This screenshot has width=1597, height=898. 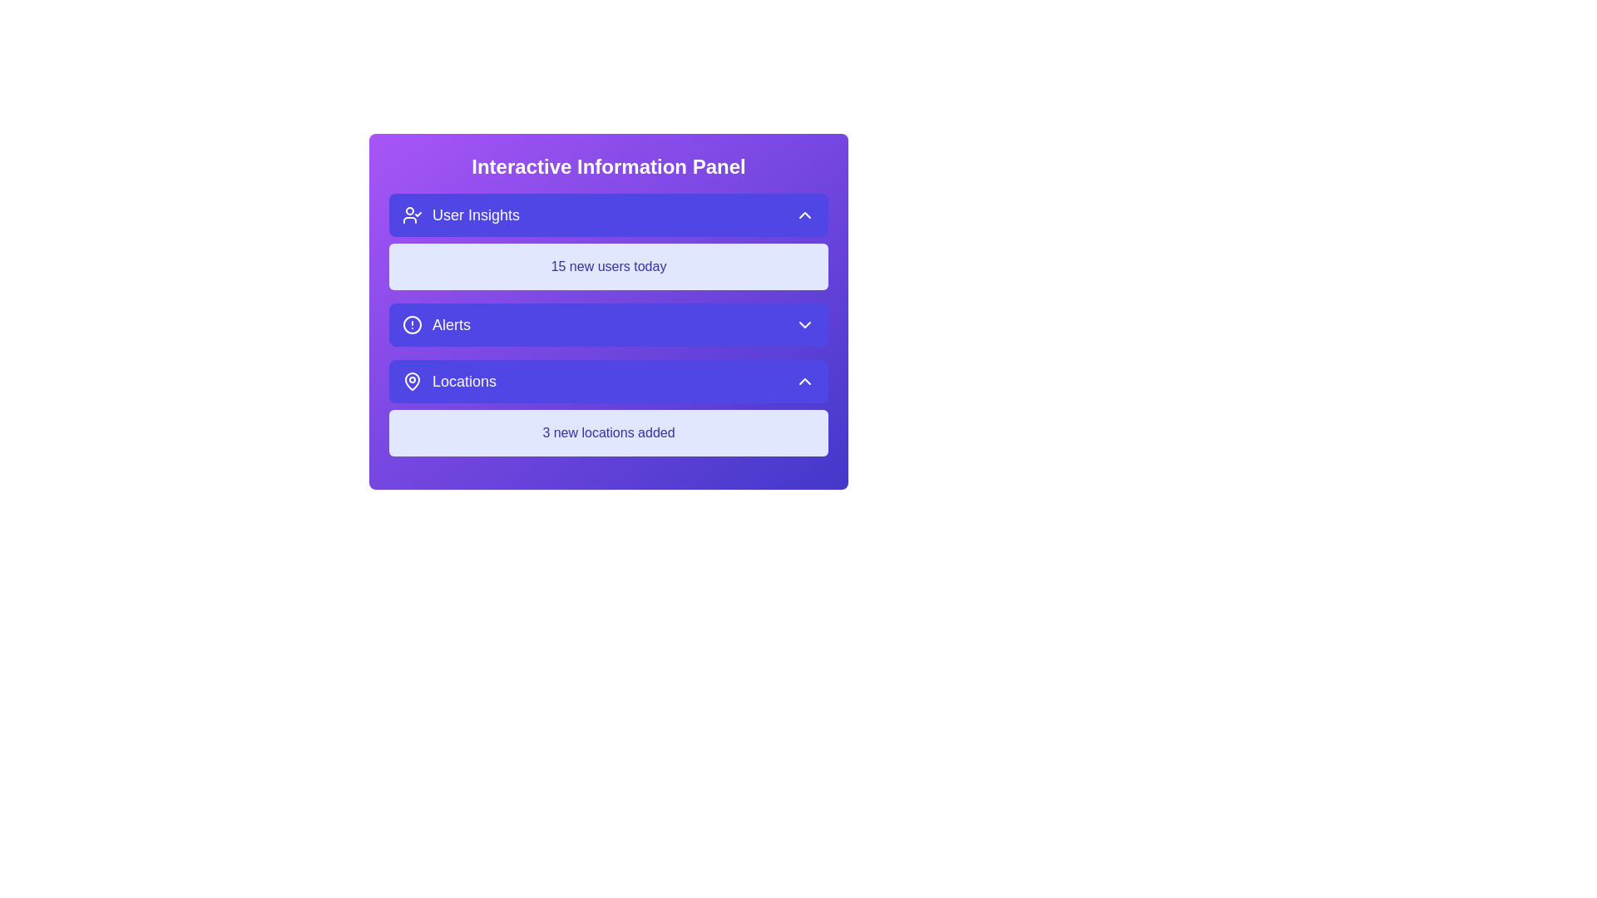 What do you see at coordinates (412, 214) in the screenshot?
I see `the icon for the panel User Insights` at bounding box center [412, 214].